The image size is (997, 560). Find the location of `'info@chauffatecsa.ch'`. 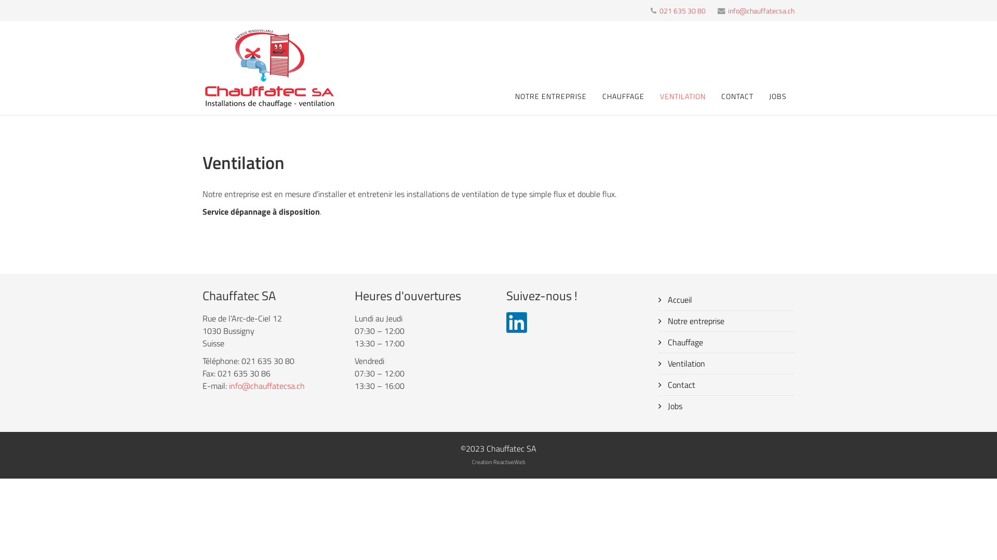

'info@chauffatecsa.ch' is located at coordinates (761, 10).